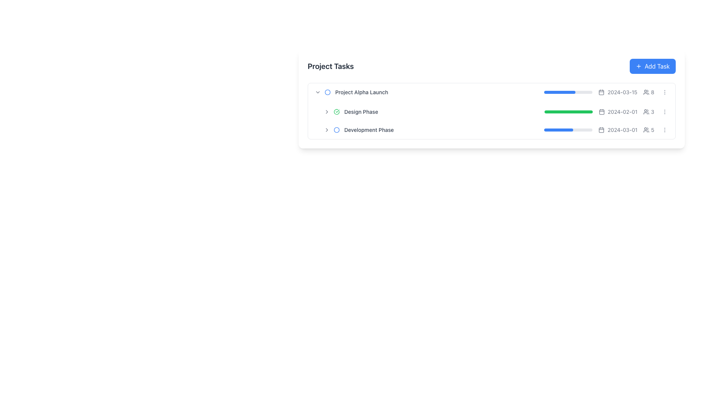 Image resolution: width=724 pixels, height=407 pixels. What do you see at coordinates (568, 92) in the screenshot?
I see `the progress bar indicating the '2024-03-15' task entry, which has a gray background and a blue filled portion` at bounding box center [568, 92].